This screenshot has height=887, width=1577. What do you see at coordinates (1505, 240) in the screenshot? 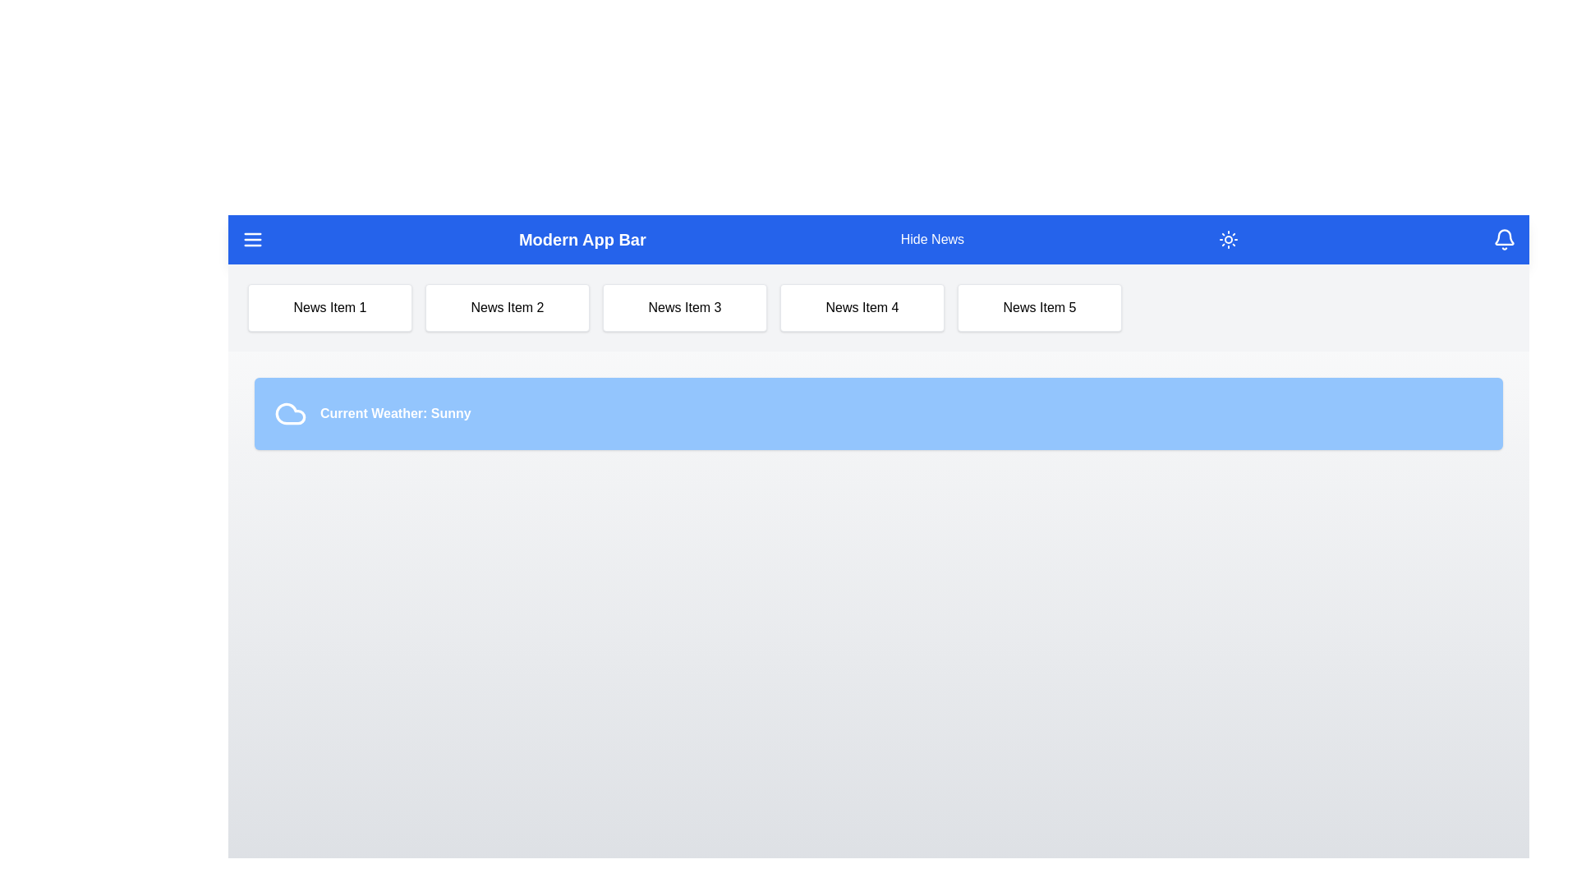
I see `the notification bell icon` at bounding box center [1505, 240].